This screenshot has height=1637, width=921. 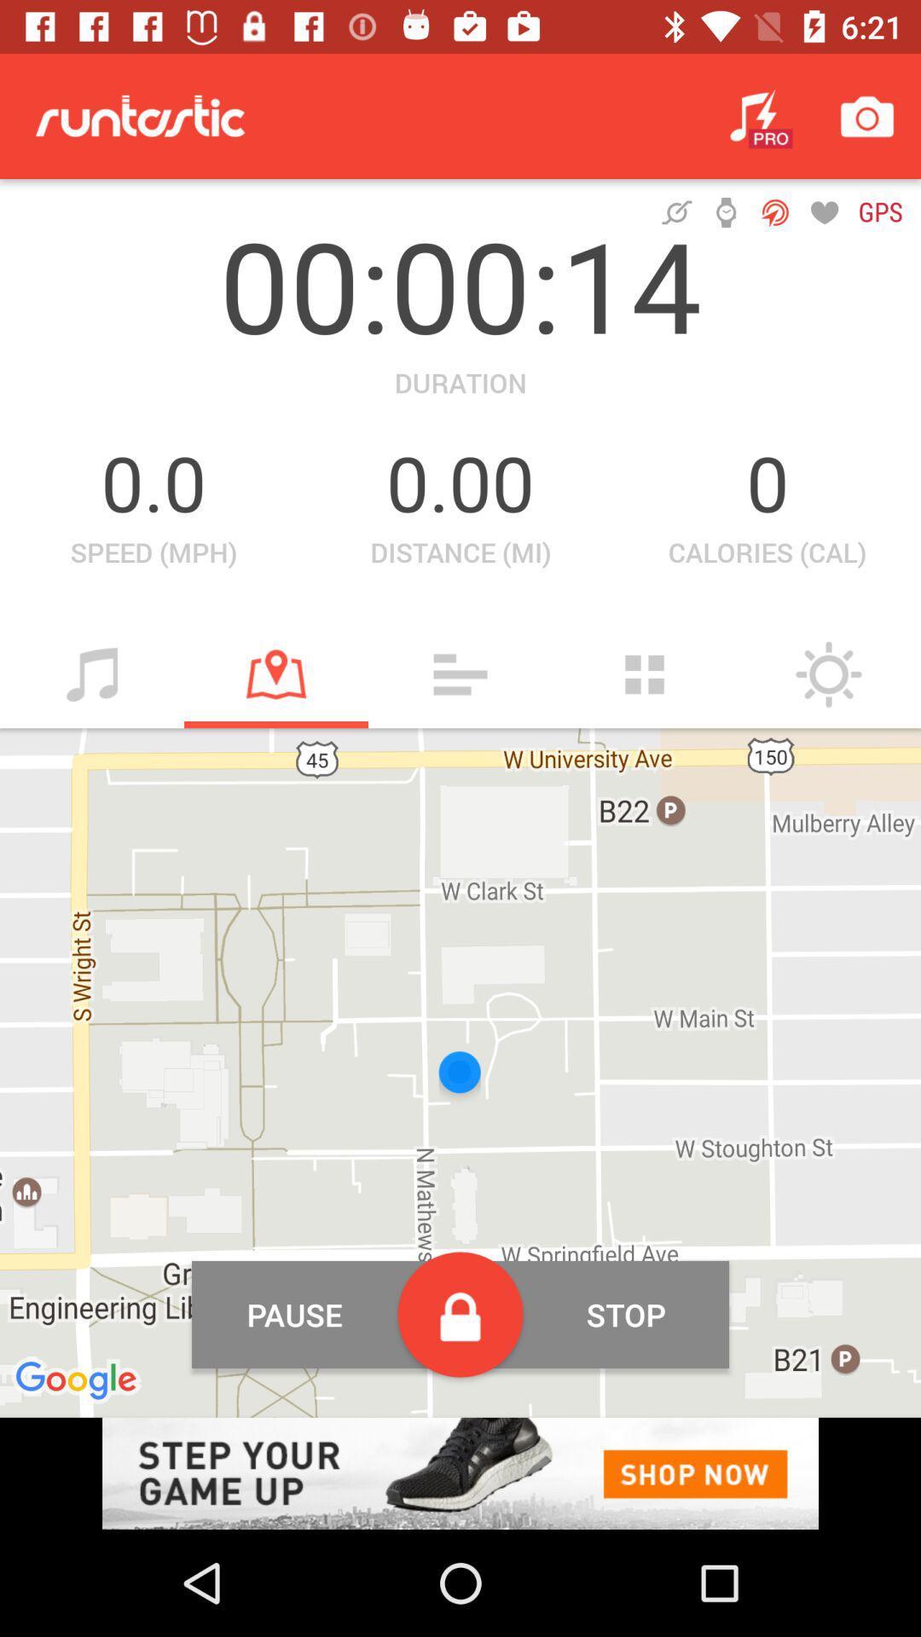 What do you see at coordinates (92, 674) in the screenshot?
I see `music` at bounding box center [92, 674].